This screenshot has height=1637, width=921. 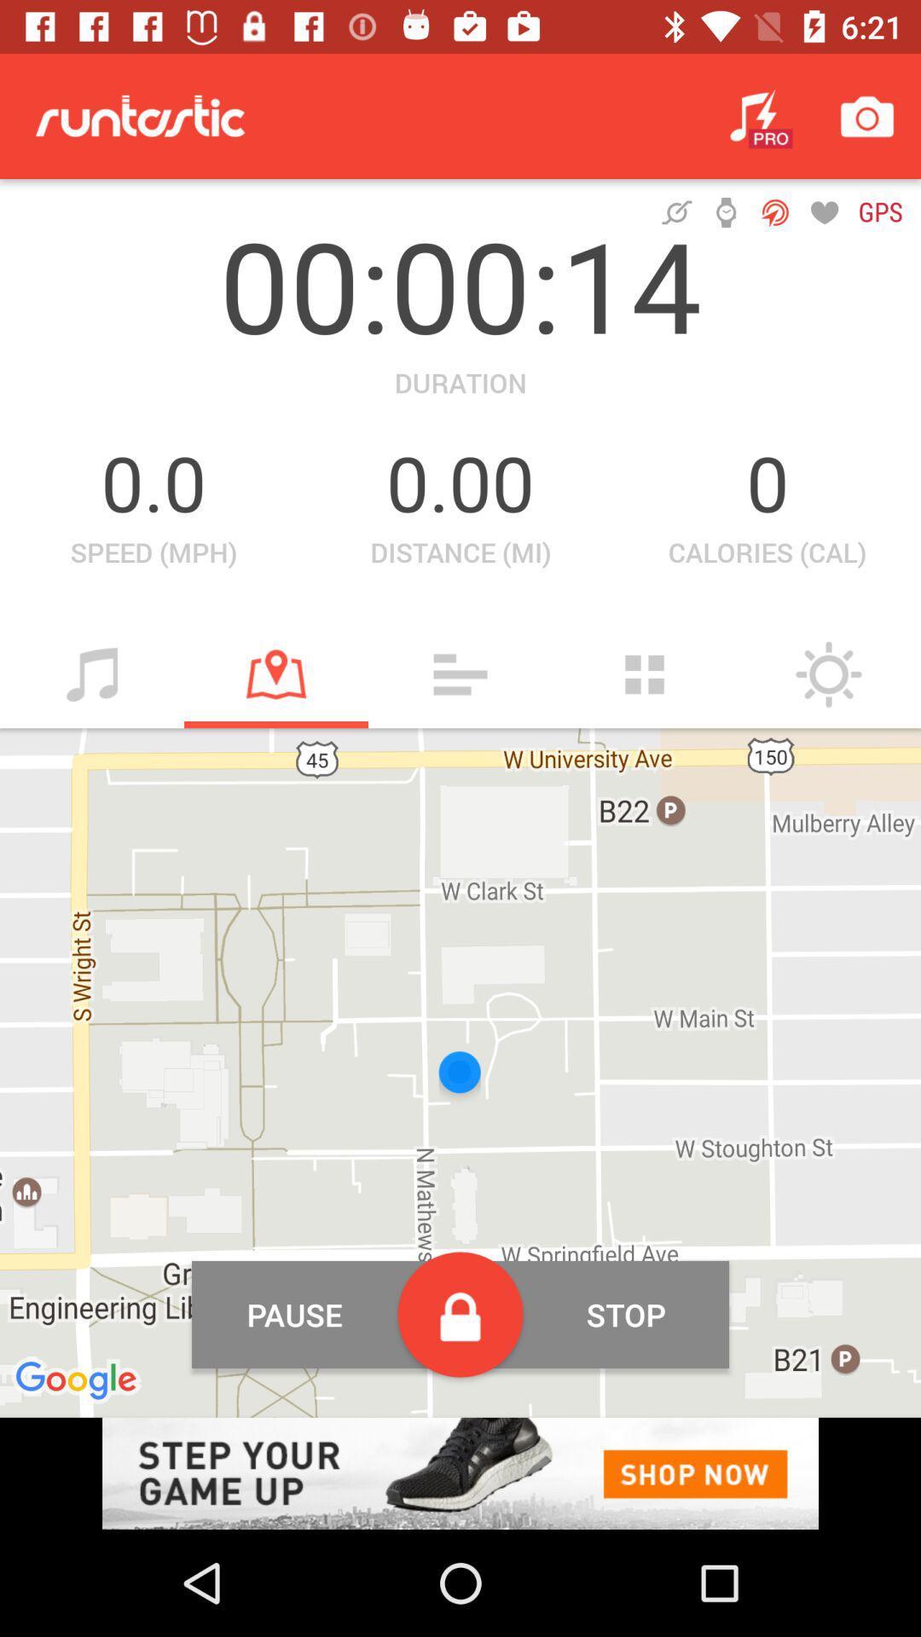 What do you see at coordinates (92, 674) in the screenshot?
I see `music` at bounding box center [92, 674].